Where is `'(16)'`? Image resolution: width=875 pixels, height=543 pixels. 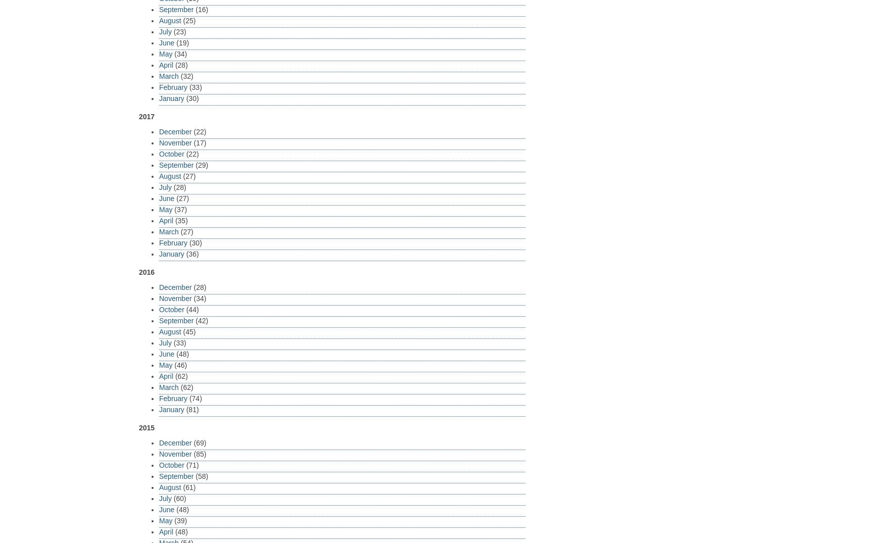
'(16)' is located at coordinates (200, 8).